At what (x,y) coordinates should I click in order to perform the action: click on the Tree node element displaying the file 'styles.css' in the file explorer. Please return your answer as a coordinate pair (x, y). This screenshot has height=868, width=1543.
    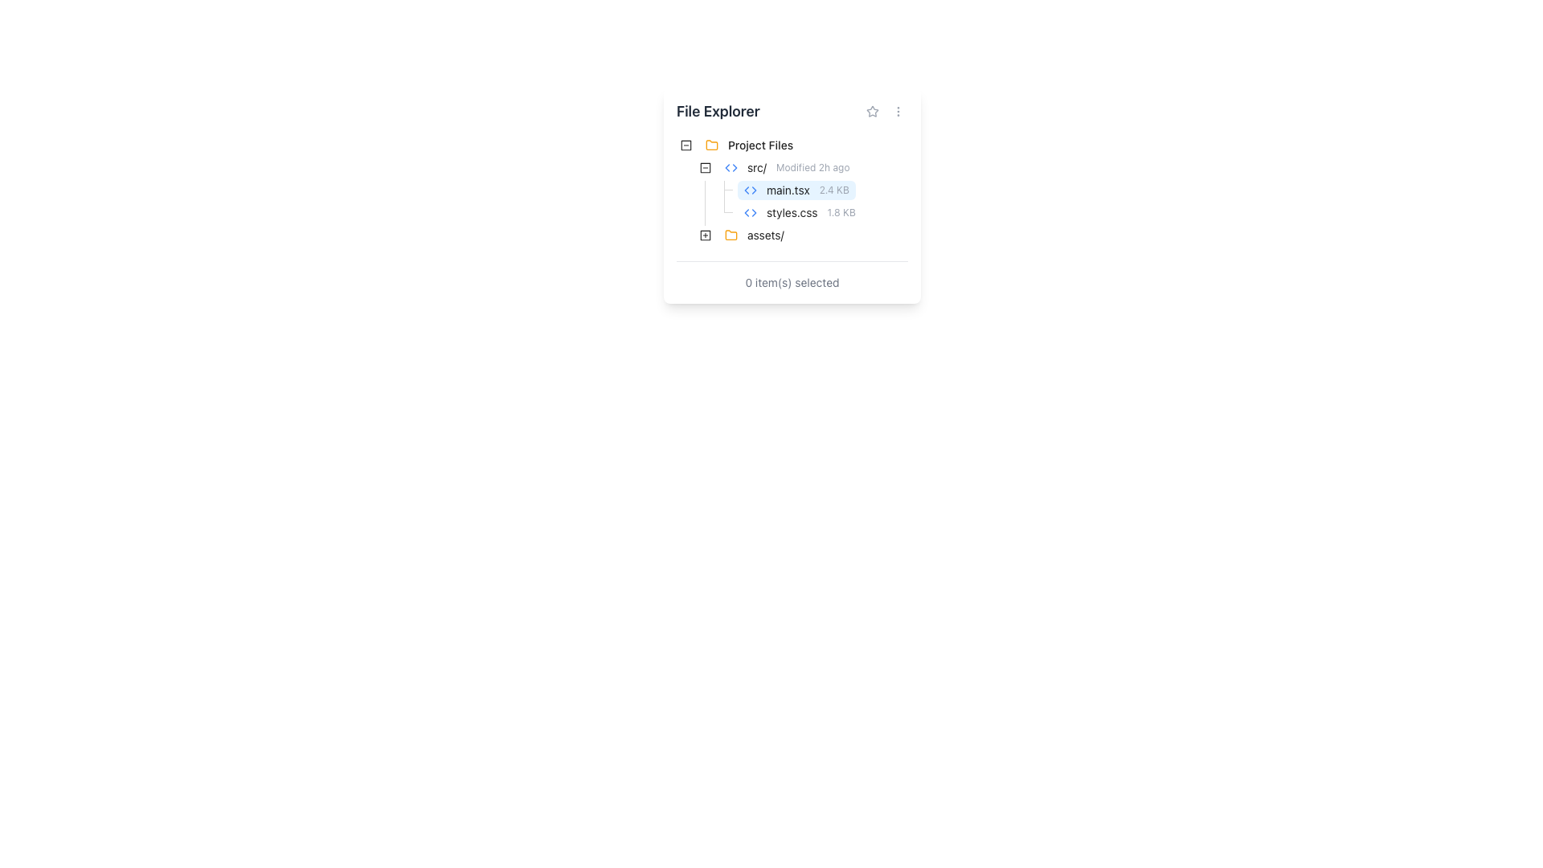
    Looking at the image, I should click on (800, 212).